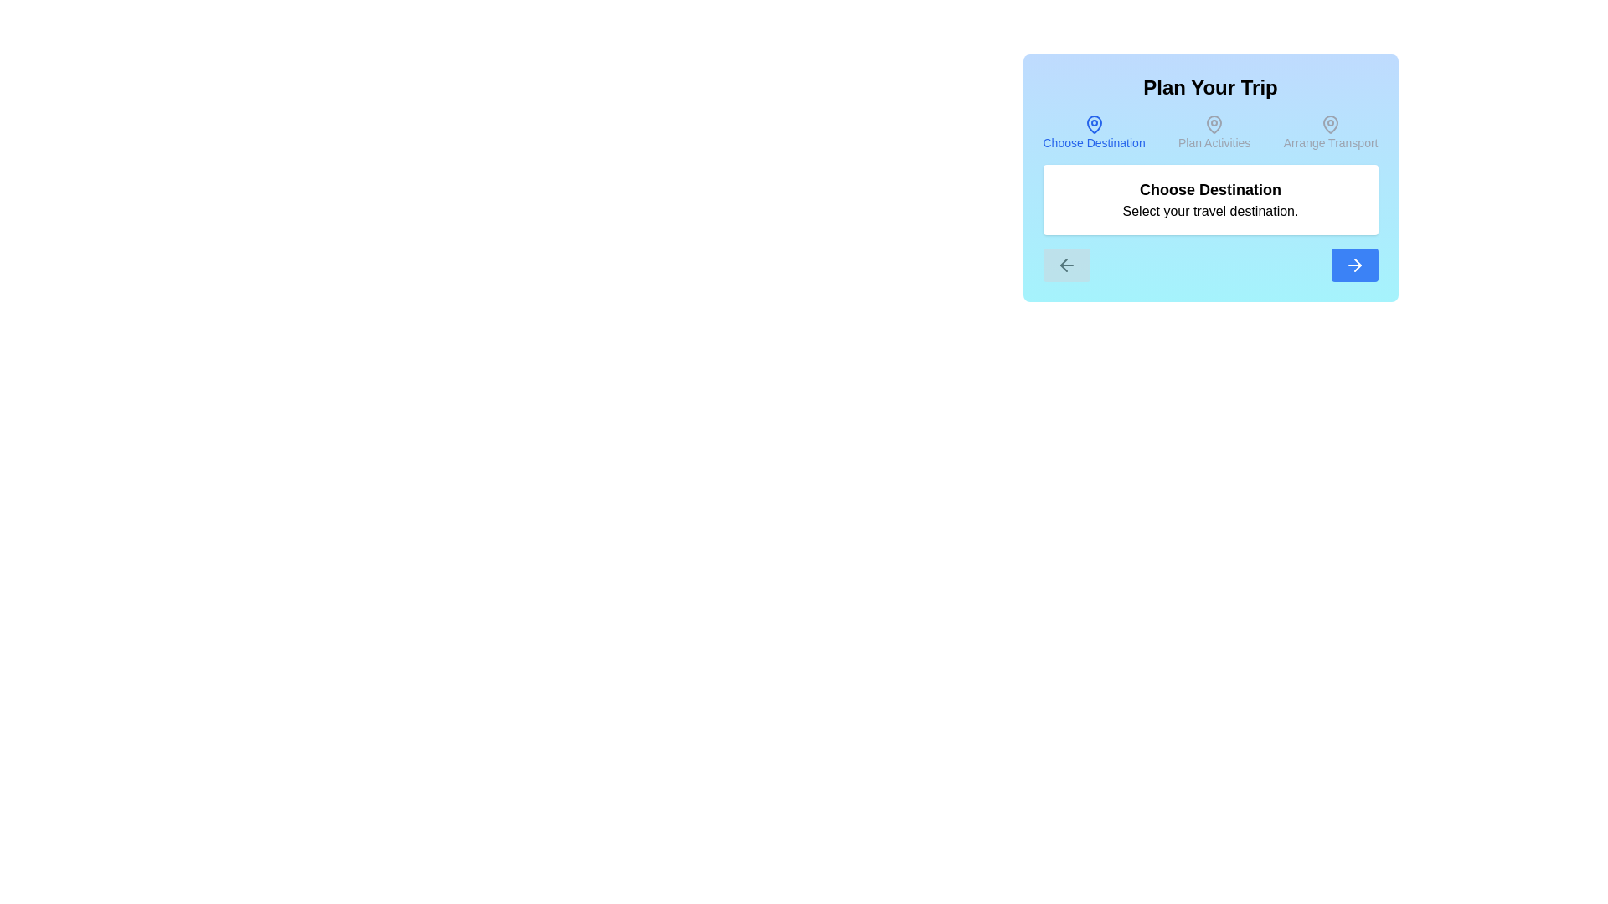 The width and height of the screenshot is (1608, 904). I want to click on the step indicator corresponding to Choose Destination to move to that step, so click(1094, 131).